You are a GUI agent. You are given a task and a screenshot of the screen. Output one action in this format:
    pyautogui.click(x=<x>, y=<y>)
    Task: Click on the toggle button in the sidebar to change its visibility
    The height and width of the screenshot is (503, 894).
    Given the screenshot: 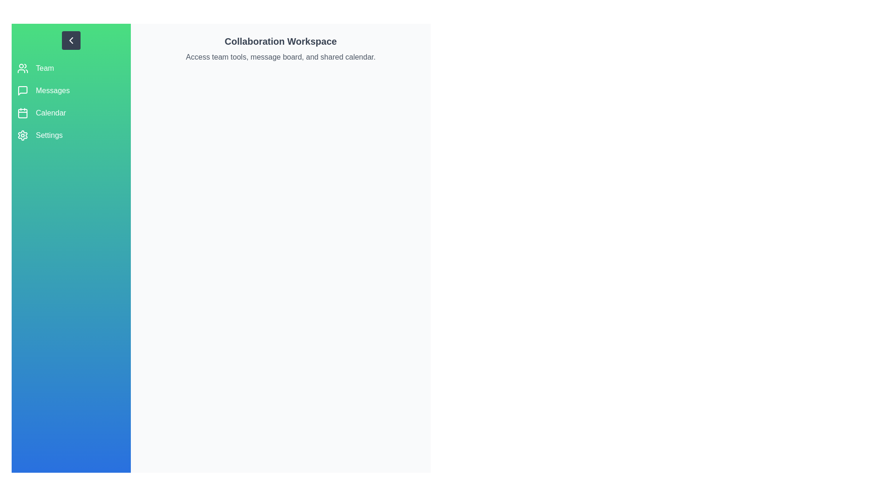 What is the action you would take?
    pyautogui.click(x=71, y=40)
    